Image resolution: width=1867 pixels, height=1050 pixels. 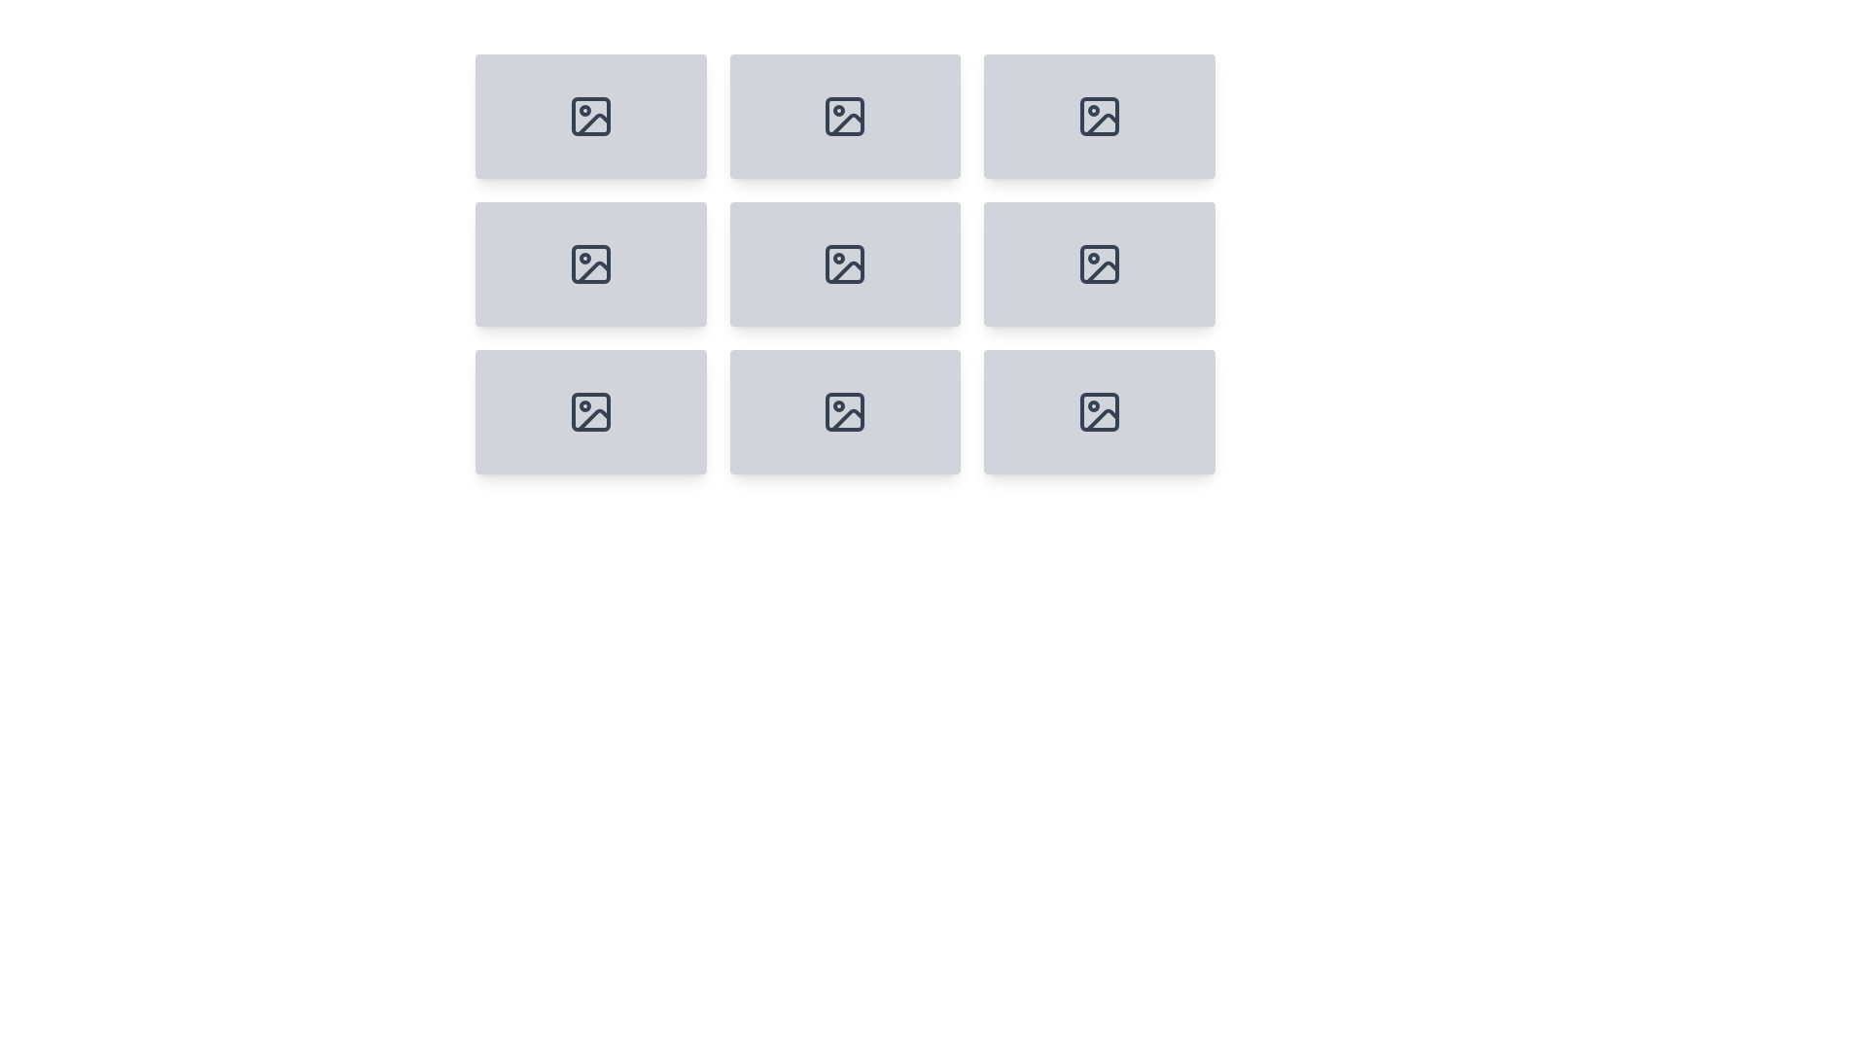 What do you see at coordinates (589, 411) in the screenshot?
I see `the small rectangular shape with rounded corners located in the bottom left portion of the sixth image icon in a 3x3 grid layout` at bounding box center [589, 411].